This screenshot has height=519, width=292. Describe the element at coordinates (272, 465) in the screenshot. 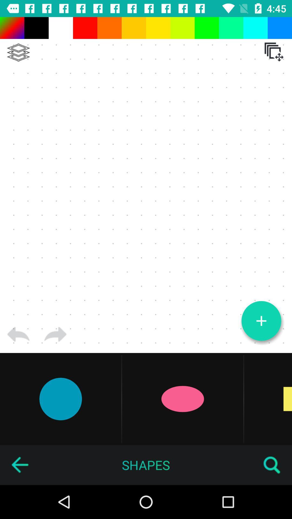

I see `search` at that location.